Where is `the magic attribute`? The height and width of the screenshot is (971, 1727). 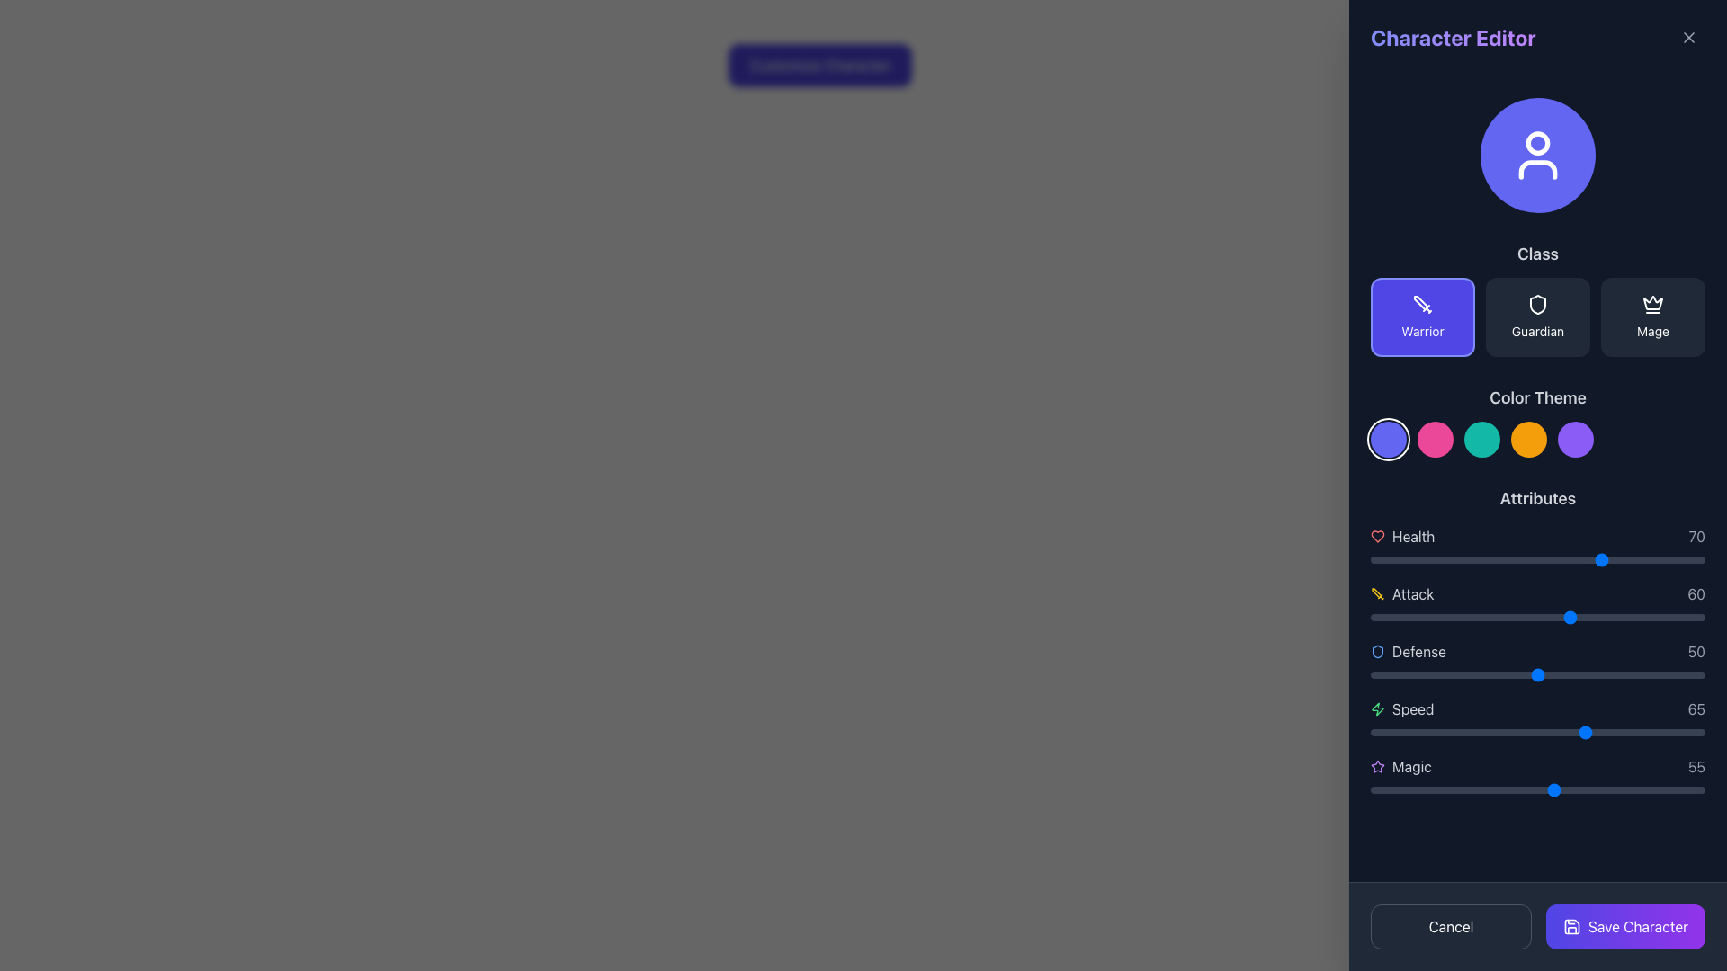 the magic attribute is located at coordinates (1608, 789).